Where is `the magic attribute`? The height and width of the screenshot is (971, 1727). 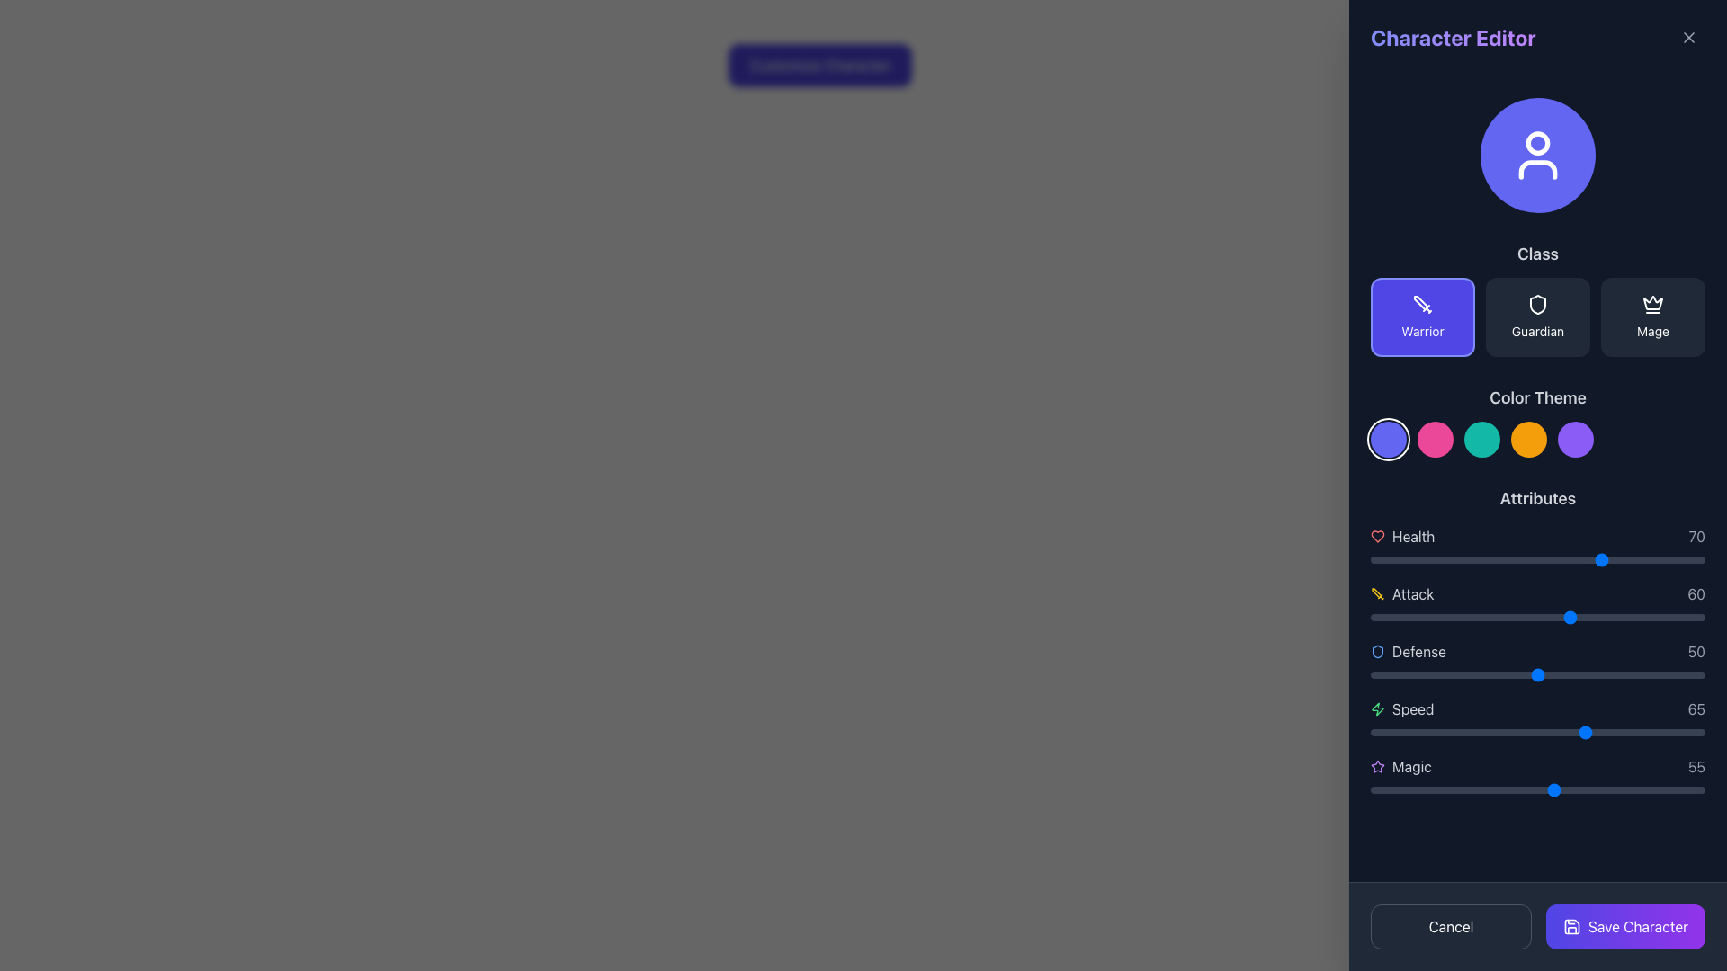 the magic attribute is located at coordinates (1608, 789).